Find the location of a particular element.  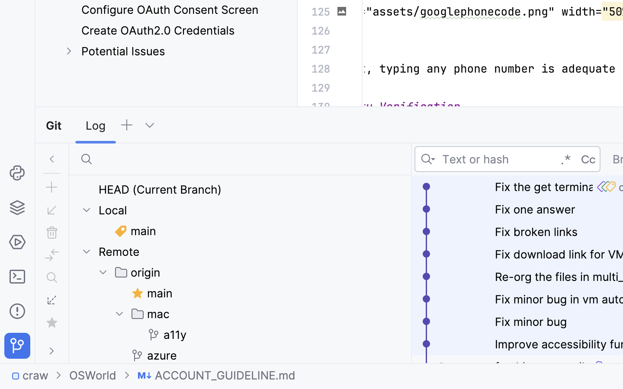

'Log' is located at coordinates (96, 124).